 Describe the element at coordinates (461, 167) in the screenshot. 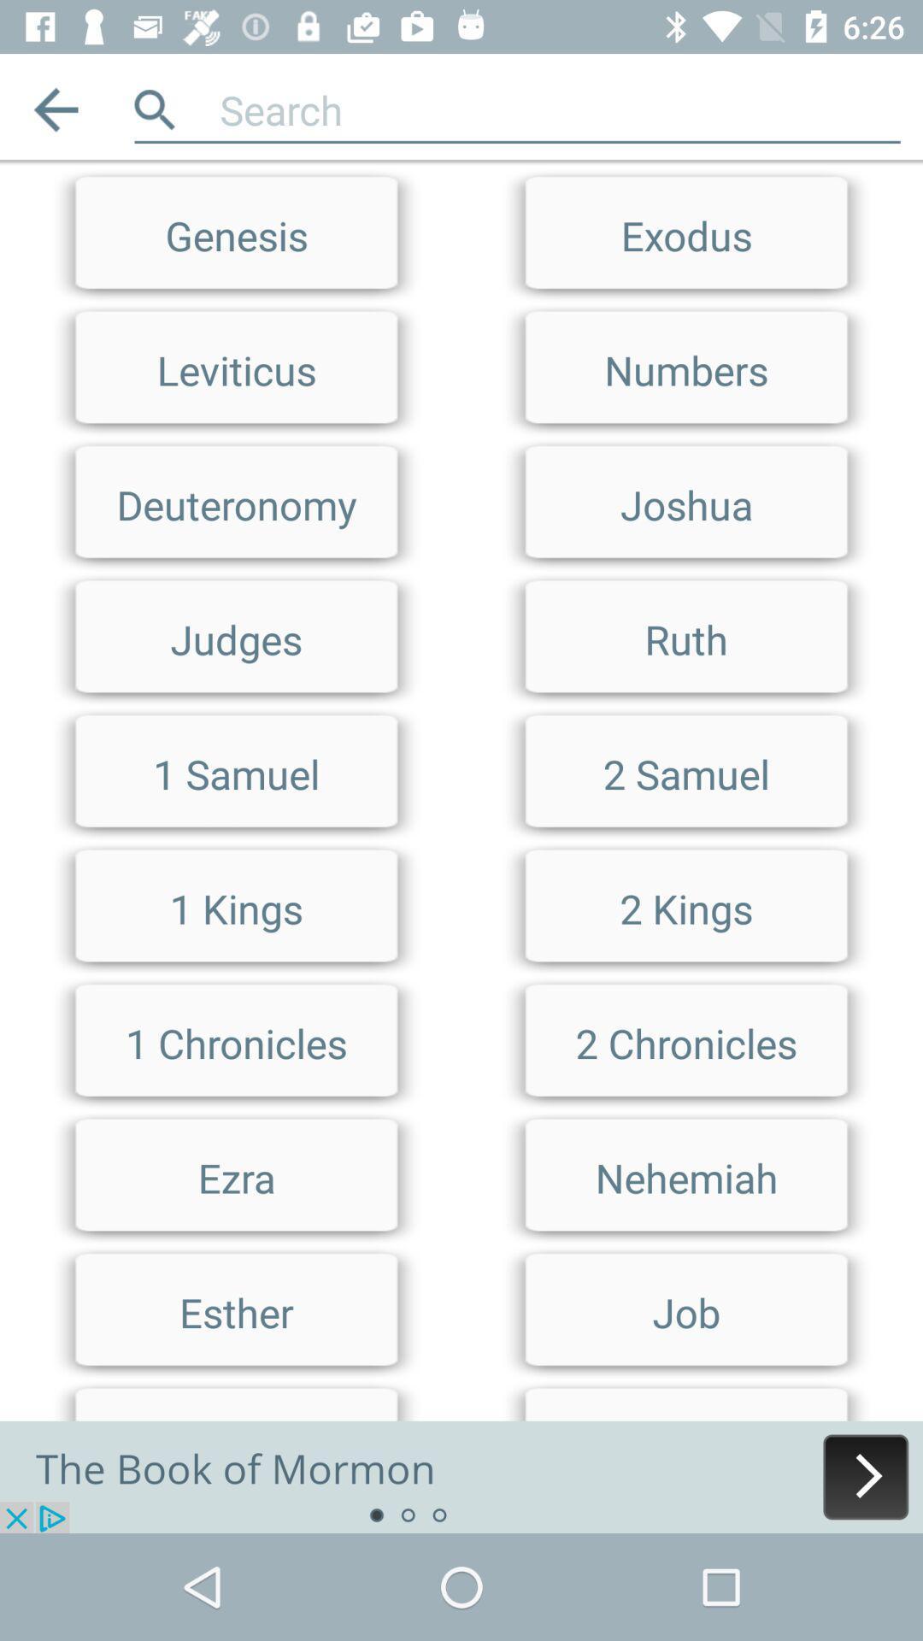

I see `search bar` at that location.